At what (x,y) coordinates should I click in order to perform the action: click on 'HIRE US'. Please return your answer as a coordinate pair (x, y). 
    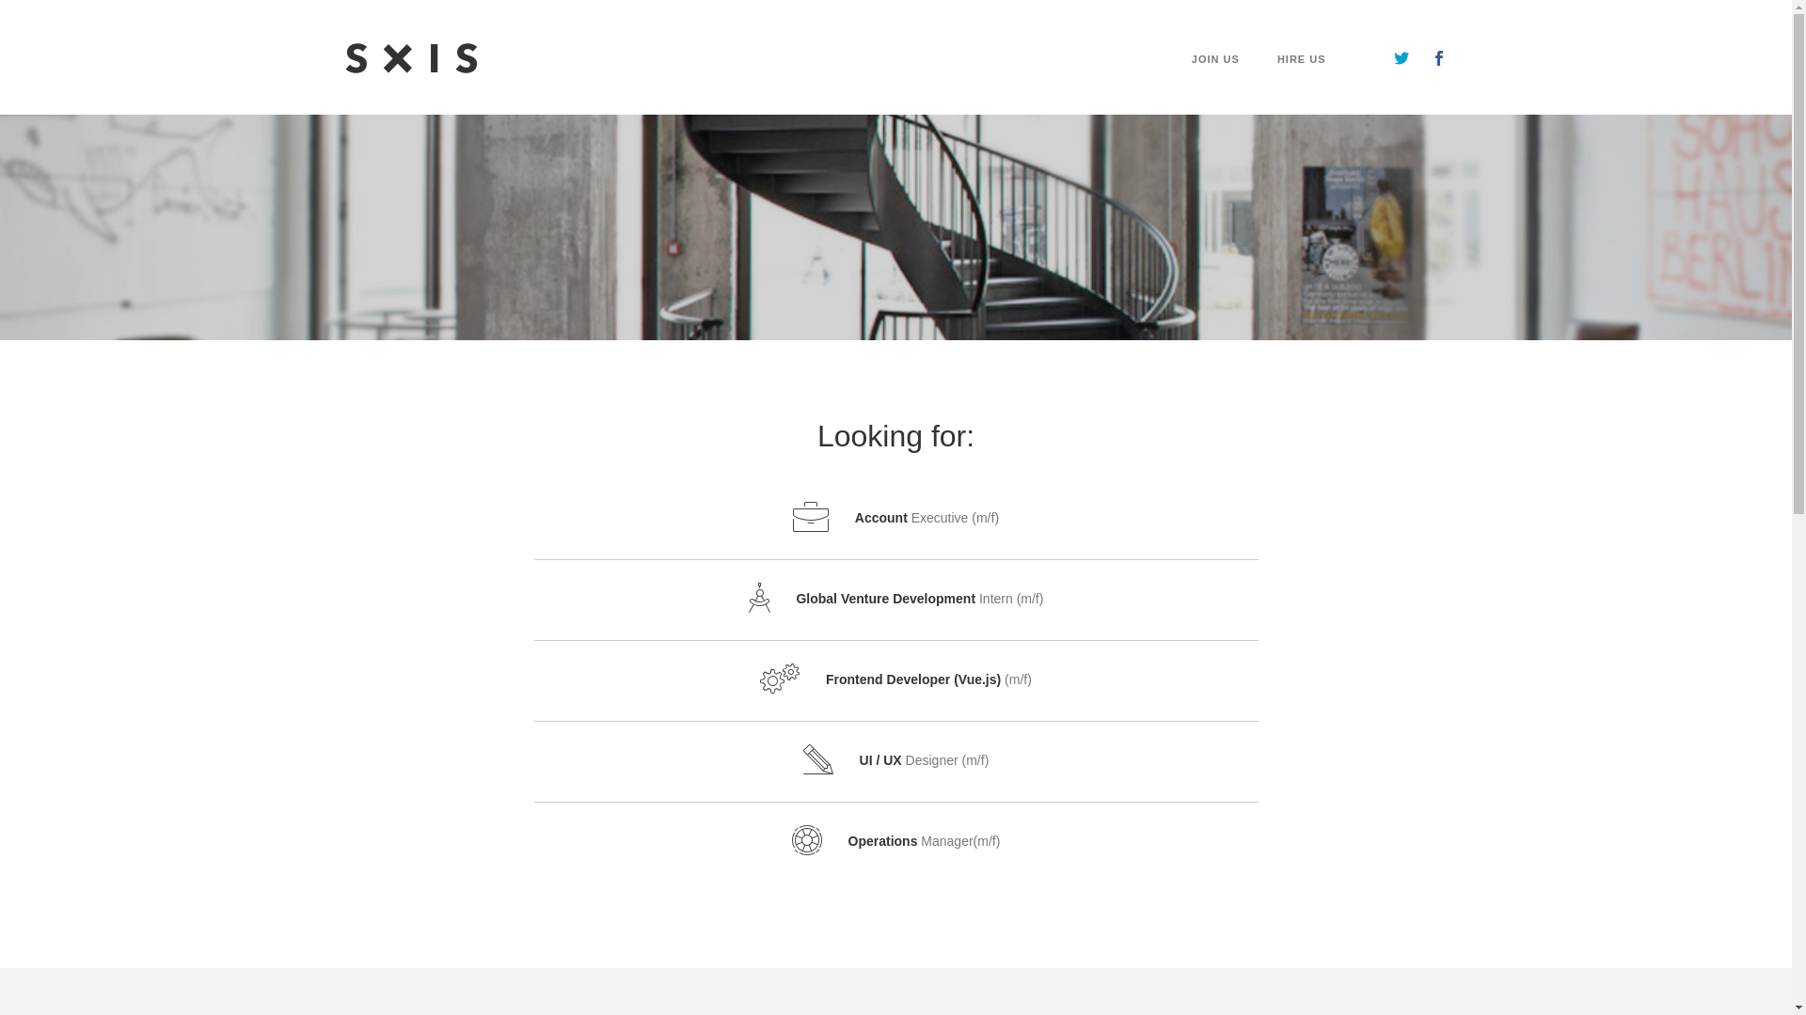
    Looking at the image, I should click on (1277, 83).